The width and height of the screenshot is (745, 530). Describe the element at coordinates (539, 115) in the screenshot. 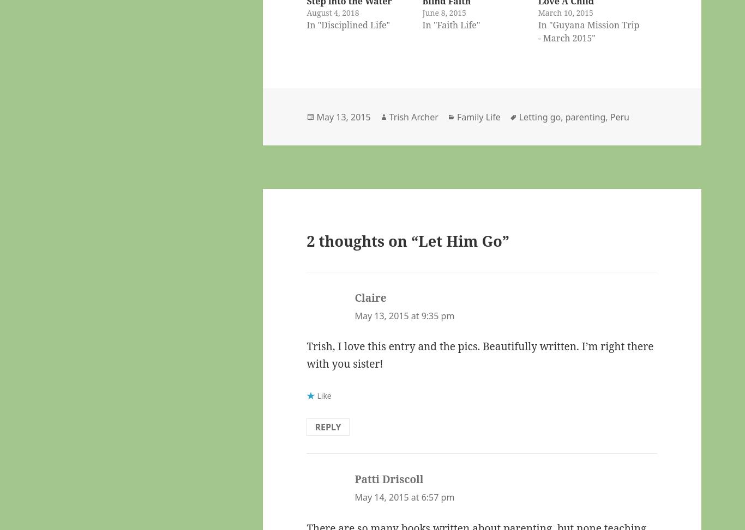

I see `'Letting go'` at that location.